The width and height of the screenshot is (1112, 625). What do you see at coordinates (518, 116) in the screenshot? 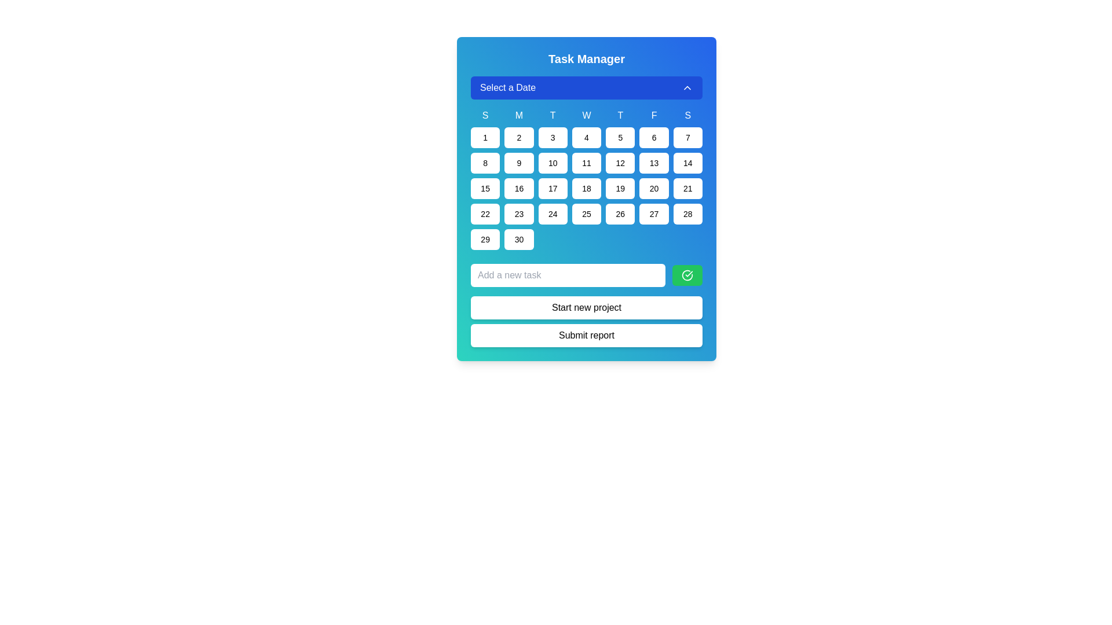
I see `the static text label displaying the uppercase letter 'M', which is styled in white font on a blue background, positioned under the title 'Select a Date' in the calendar header row` at bounding box center [518, 116].